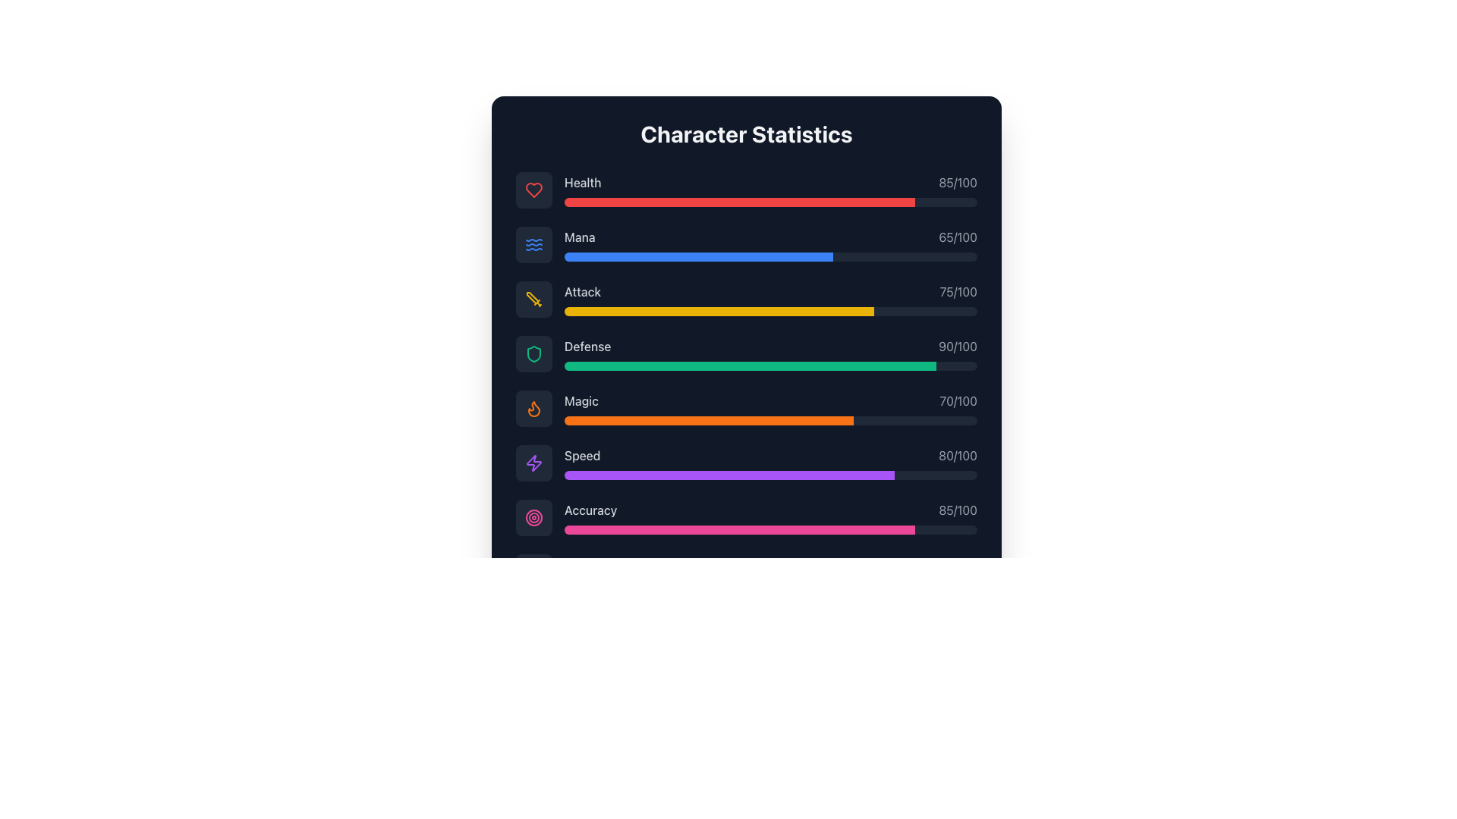 The image size is (1457, 819). Describe the element at coordinates (957, 510) in the screenshot. I see `the Text label displaying the numerical accuracy score for a character attribute, located at the bottom right of the 'Accuracy' row` at that location.